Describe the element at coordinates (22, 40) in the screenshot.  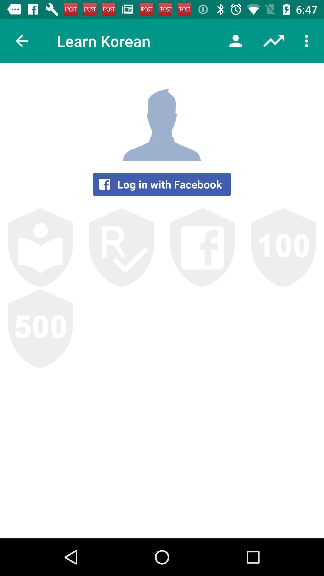
I see `icon next to the learn korean item` at that location.